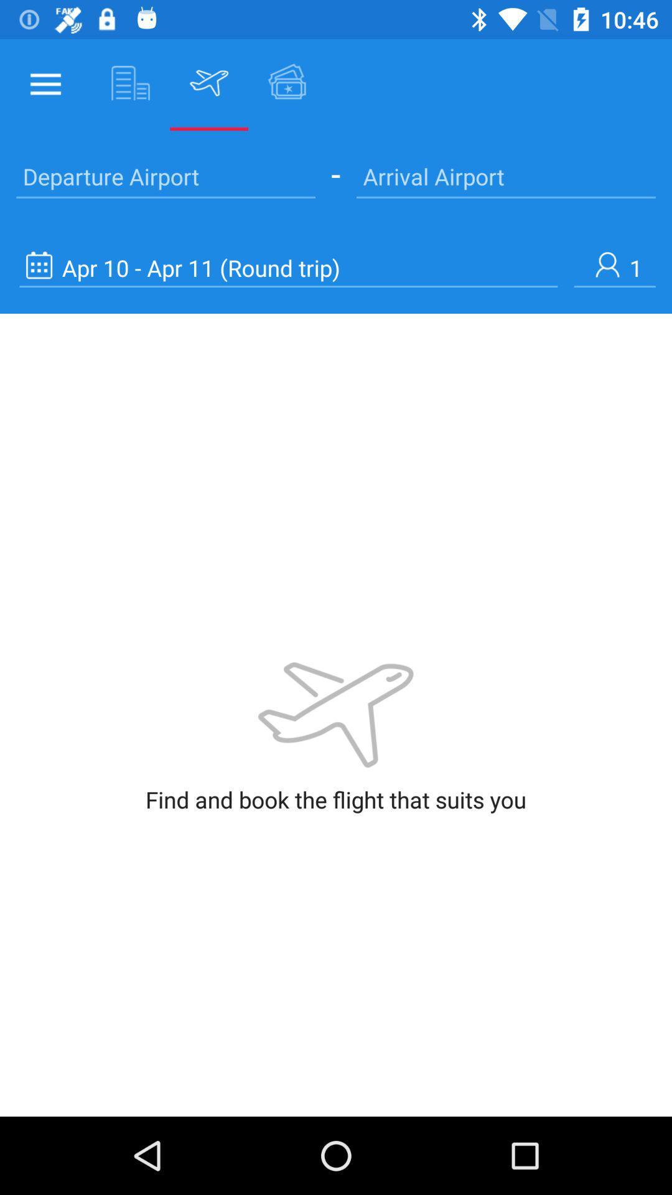 This screenshot has height=1195, width=672. What do you see at coordinates (288, 267) in the screenshot?
I see `last option in the page beside 1 number` at bounding box center [288, 267].